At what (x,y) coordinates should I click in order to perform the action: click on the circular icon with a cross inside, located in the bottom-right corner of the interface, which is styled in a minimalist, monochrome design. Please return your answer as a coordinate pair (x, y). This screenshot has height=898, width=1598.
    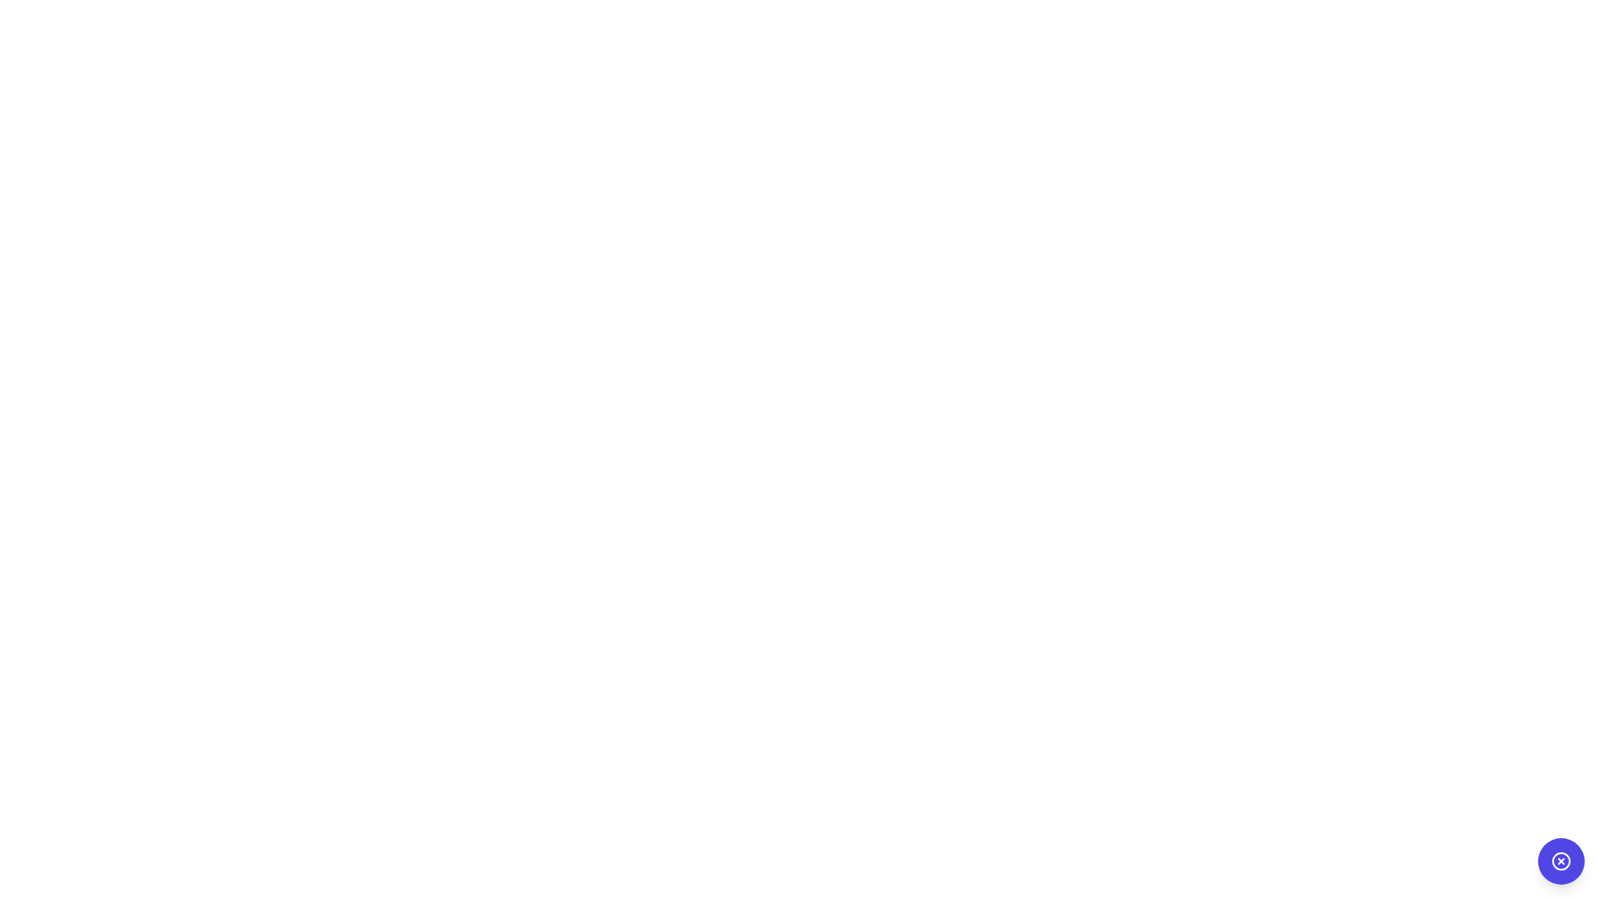
    Looking at the image, I should click on (1561, 861).